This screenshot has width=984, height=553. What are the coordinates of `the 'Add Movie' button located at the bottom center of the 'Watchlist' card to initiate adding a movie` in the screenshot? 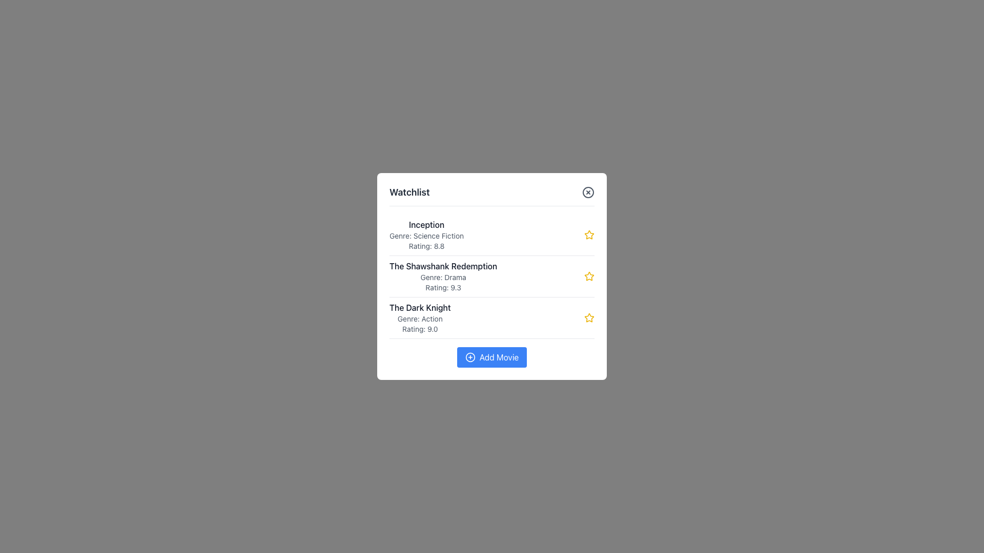 It's located at (492, 357).